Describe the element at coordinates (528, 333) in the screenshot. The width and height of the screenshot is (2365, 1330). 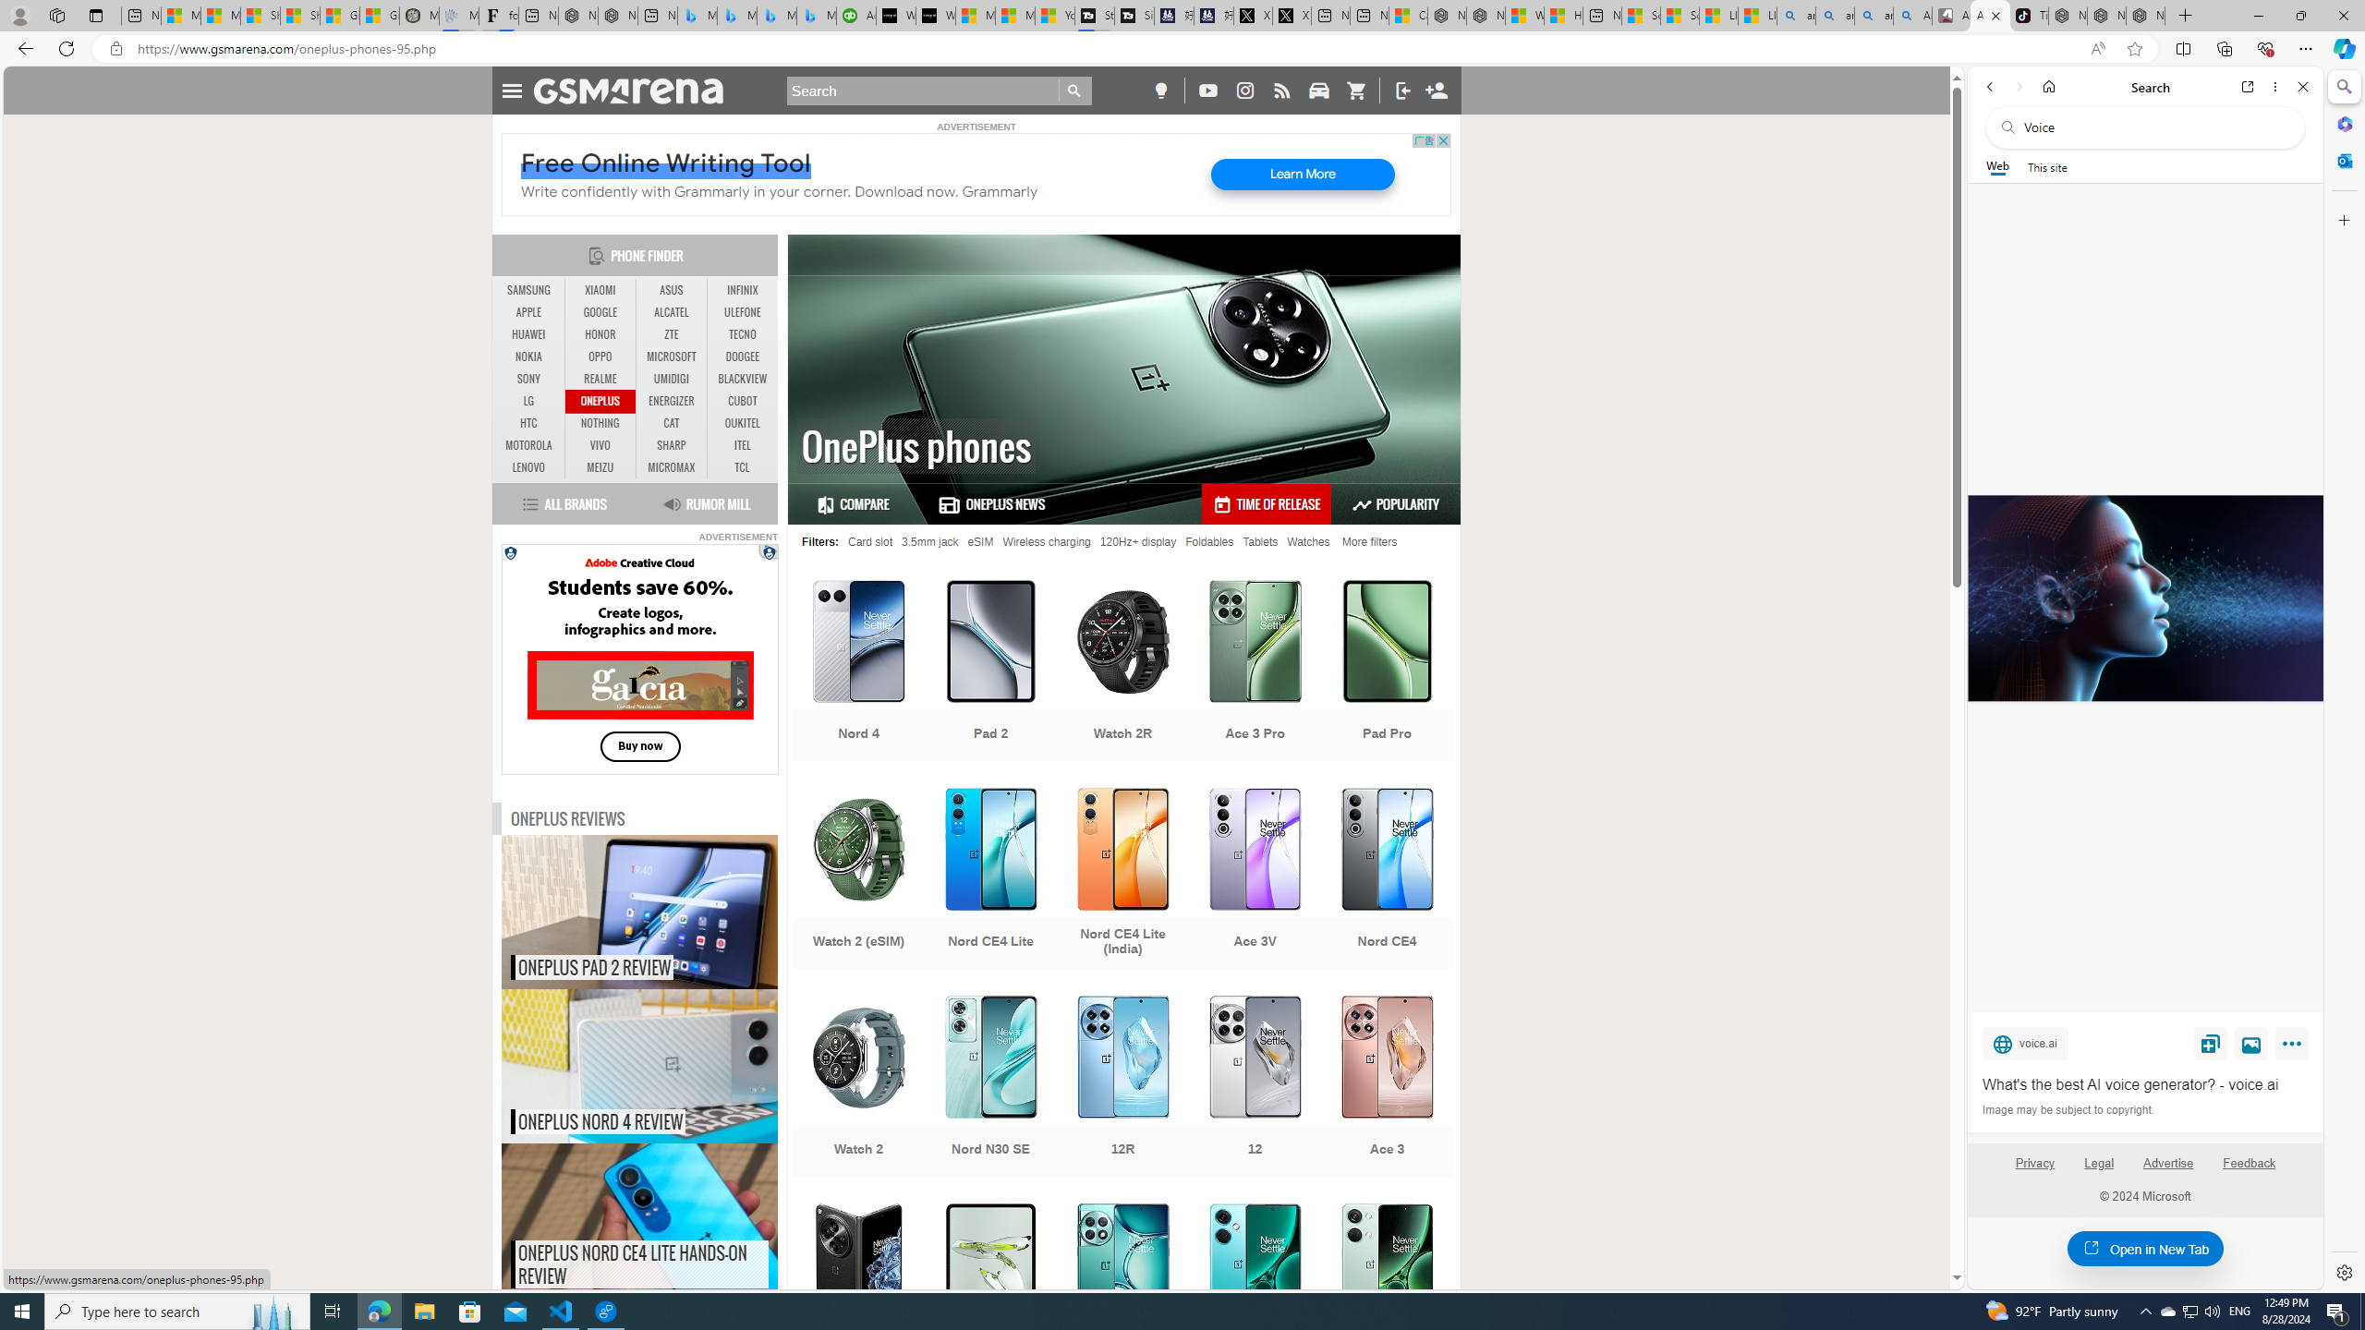
I see `'HUAWEI'` at that location.